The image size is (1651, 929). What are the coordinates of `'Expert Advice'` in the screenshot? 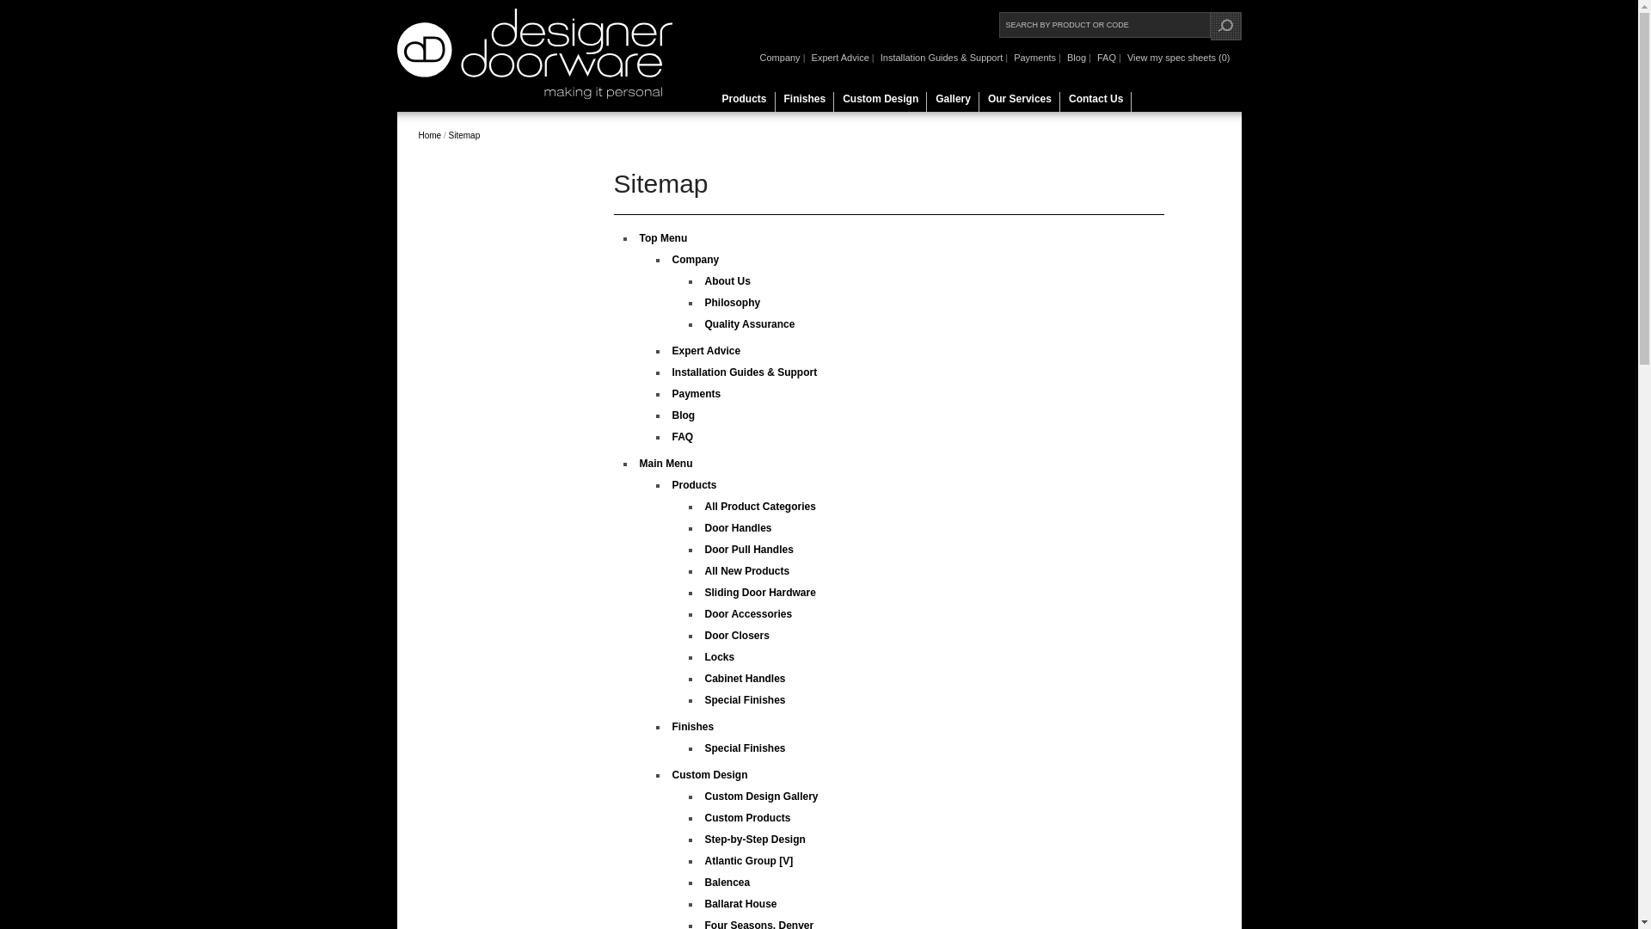 It's located at (807, 56).